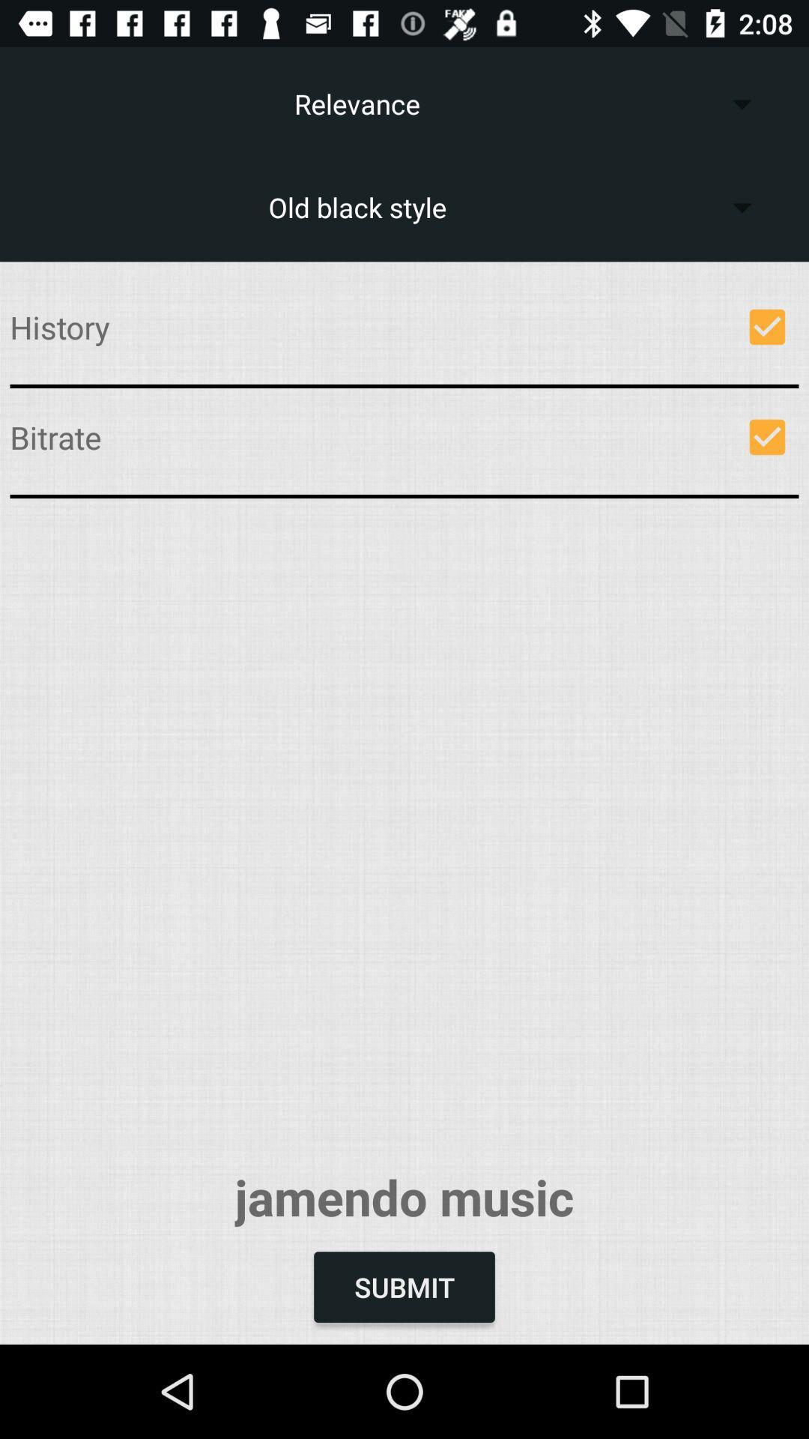 This screenshot has height=1439, width=809. Describe the element at coordinates (404, 1286) in the screenshot. I see `the submit icon` at that location.